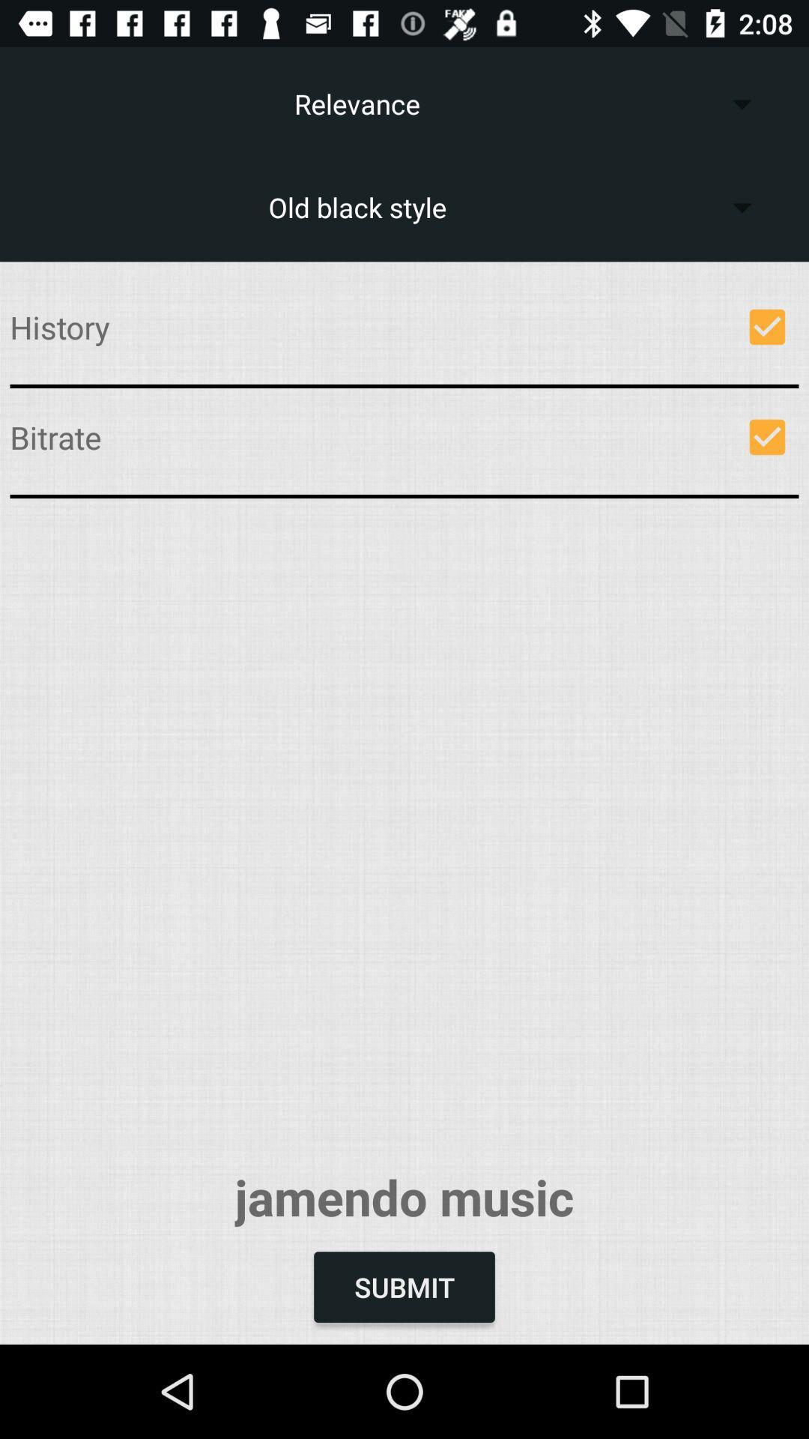 This screenshot has height=1439, width=809. Describe the element at coordinates (404, 1286) in the screenshot. I see `the submit icon` at that location.